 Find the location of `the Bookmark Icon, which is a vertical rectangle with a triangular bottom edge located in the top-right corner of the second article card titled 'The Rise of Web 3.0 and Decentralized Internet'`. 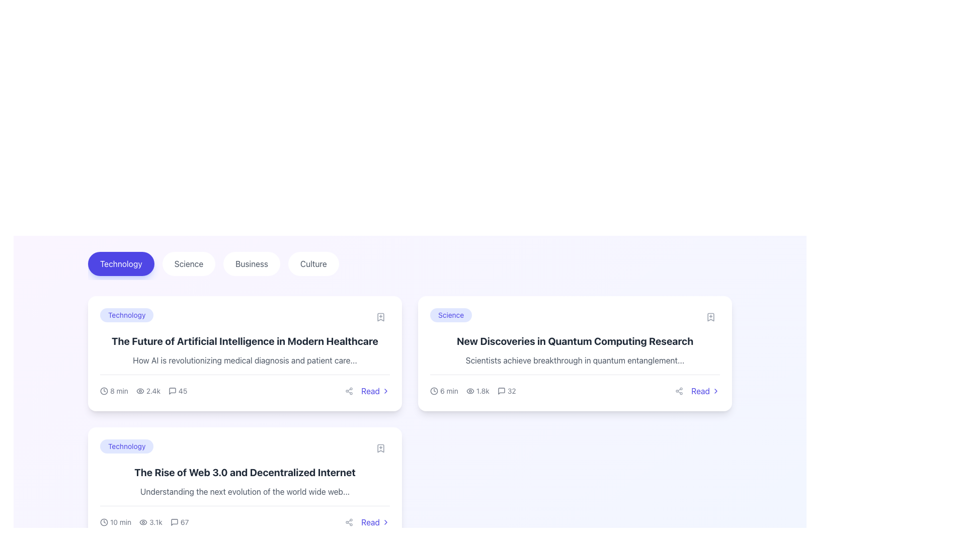

the Bookmark Icon, which is a vertical rectangle with a triangular bottom edge located in the top-right corner of the second article card titled 'The Rise of Web 3.0 and Decentralized Internet' is located at coordinates (380, 447).